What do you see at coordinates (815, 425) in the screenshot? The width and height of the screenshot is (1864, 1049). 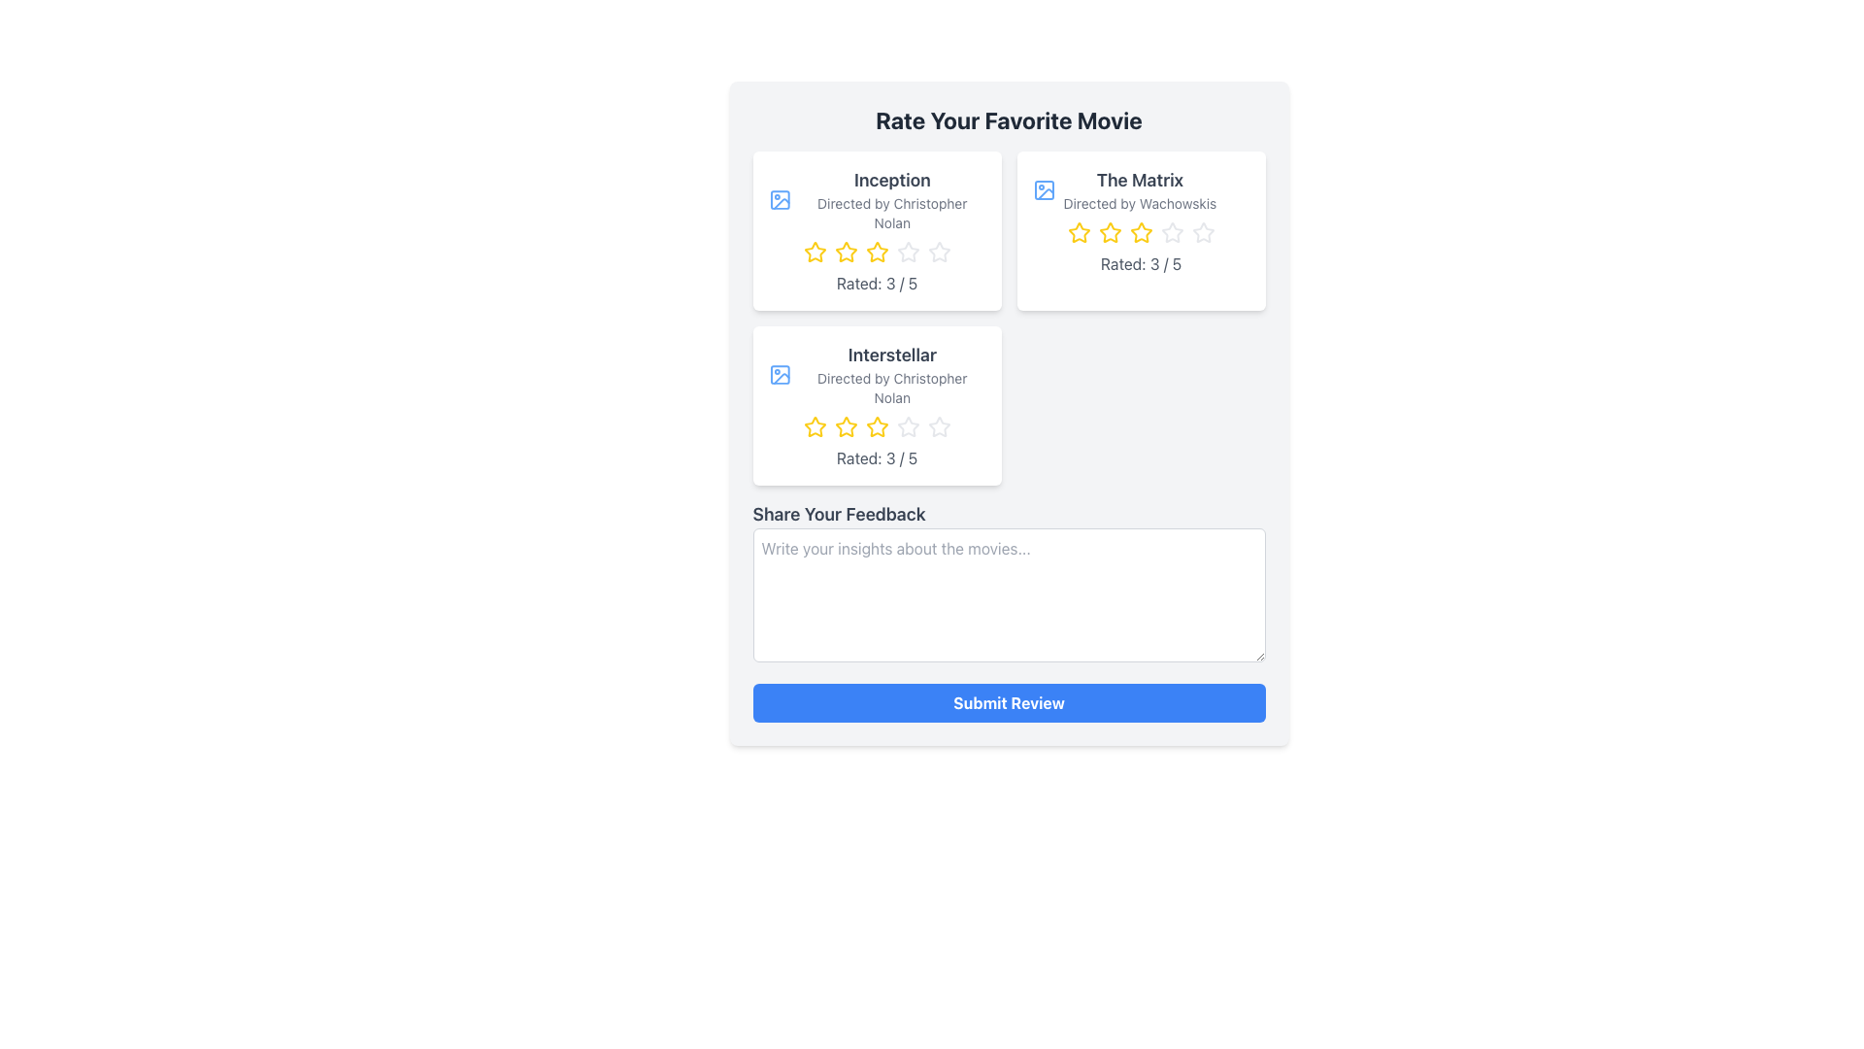 I see `the first star-shaped rating icon with a yellow outline for the movie 'Interstellar' to rate it` at bounding box center [815, 425].